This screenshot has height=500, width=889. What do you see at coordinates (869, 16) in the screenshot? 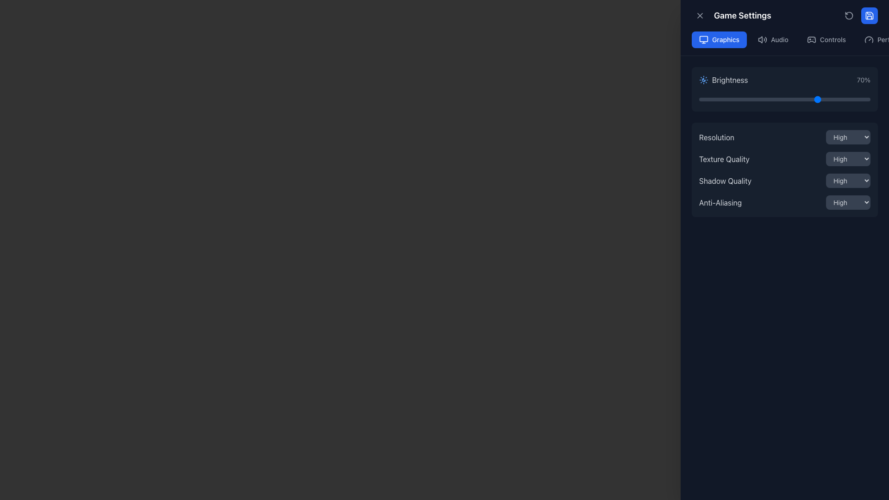
I see `the Save icon, which is a small blue floppy disk symbol located inside a button in the top-right corner of the interface` at bounding box center [869, 16].